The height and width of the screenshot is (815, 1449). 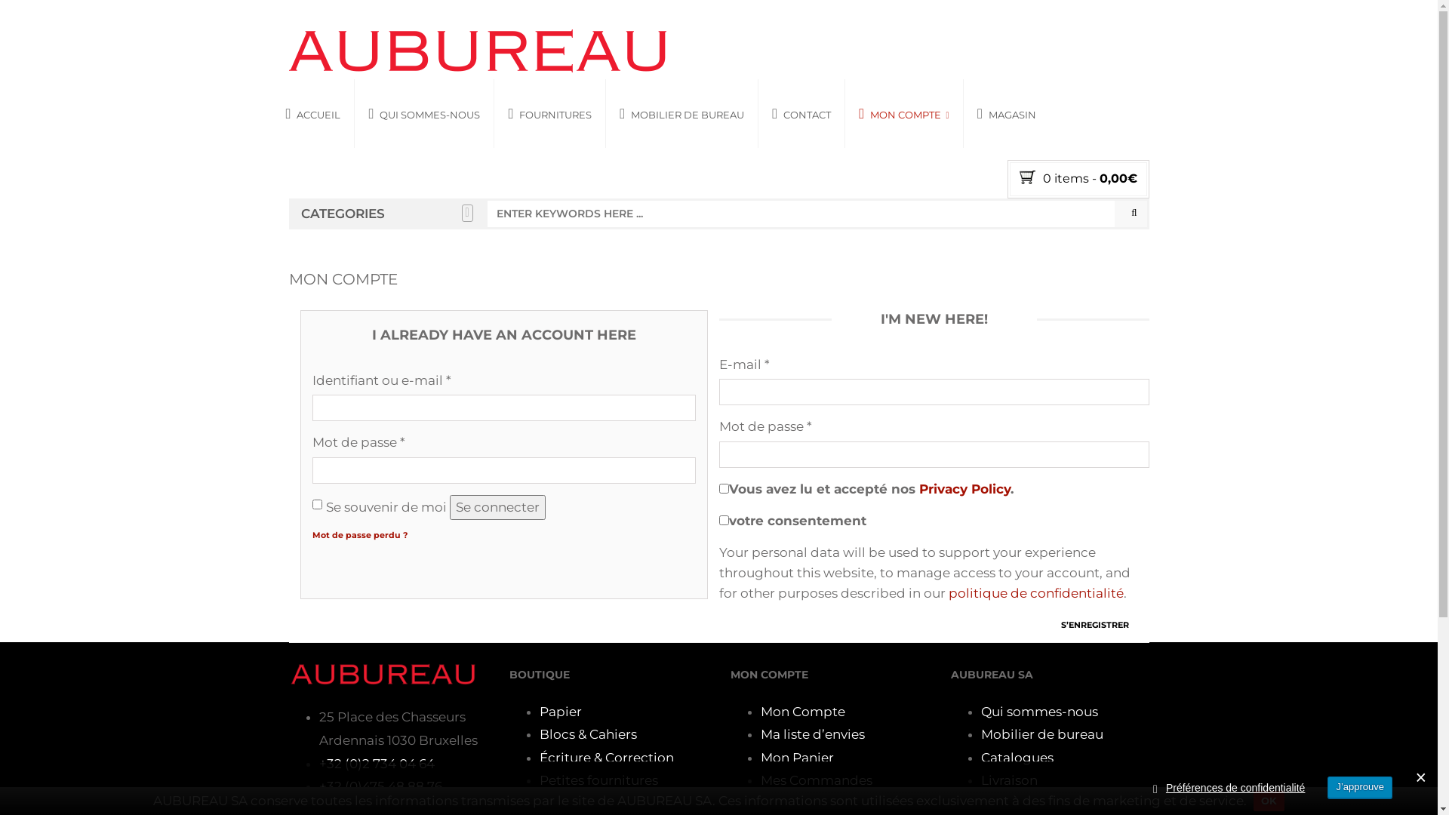 I want to click on 'Mot de passe perdu ?', so click(x=358, y=534).